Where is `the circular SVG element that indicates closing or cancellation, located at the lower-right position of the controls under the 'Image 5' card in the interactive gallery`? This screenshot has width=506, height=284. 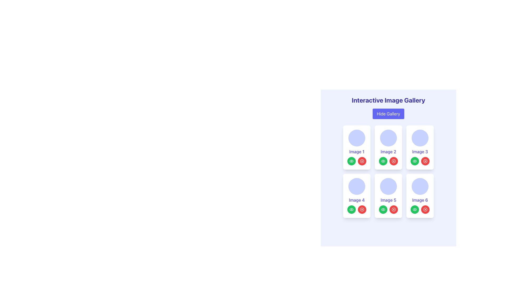 the circular SVG element that indicates closing or cancellation, located at the lower-right position of the controls under the 'Image 5' card in the interactive gallery is located at coordinates (393, 209).